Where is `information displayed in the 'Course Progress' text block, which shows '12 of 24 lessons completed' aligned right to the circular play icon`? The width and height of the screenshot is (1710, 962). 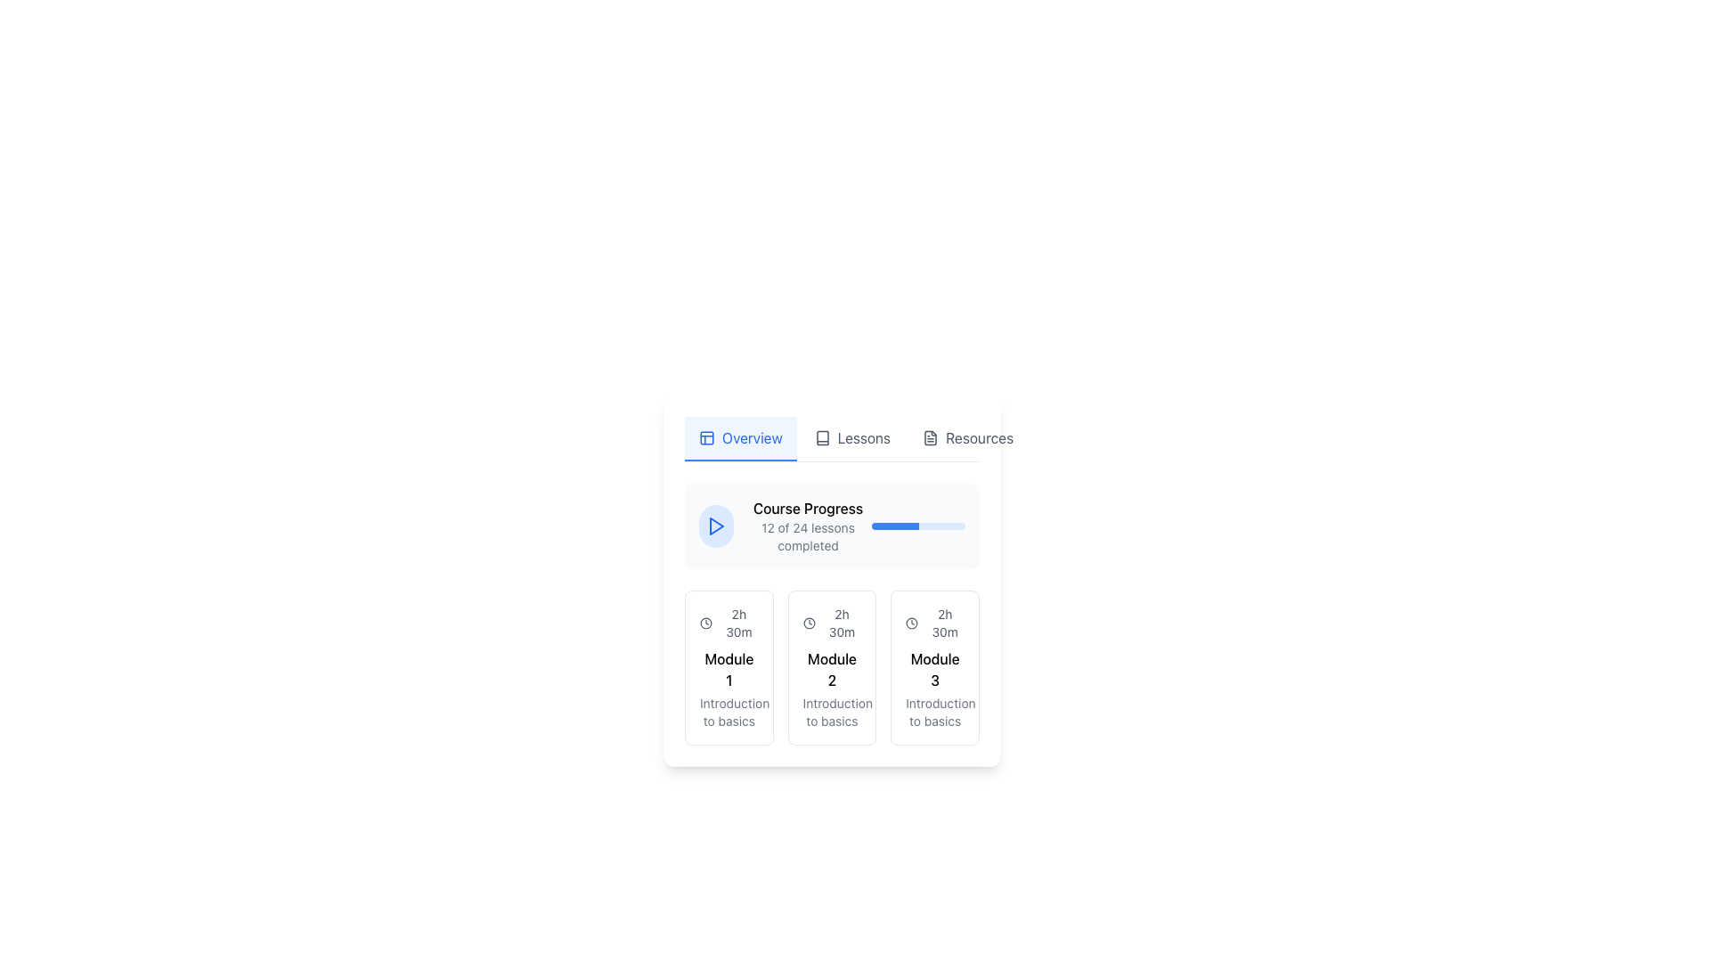 information displayed in the 'Course Progress' text block, which shows '12 of 24 lessons completed' aligned right to the circular play icon is located at coordinates (807, 525).